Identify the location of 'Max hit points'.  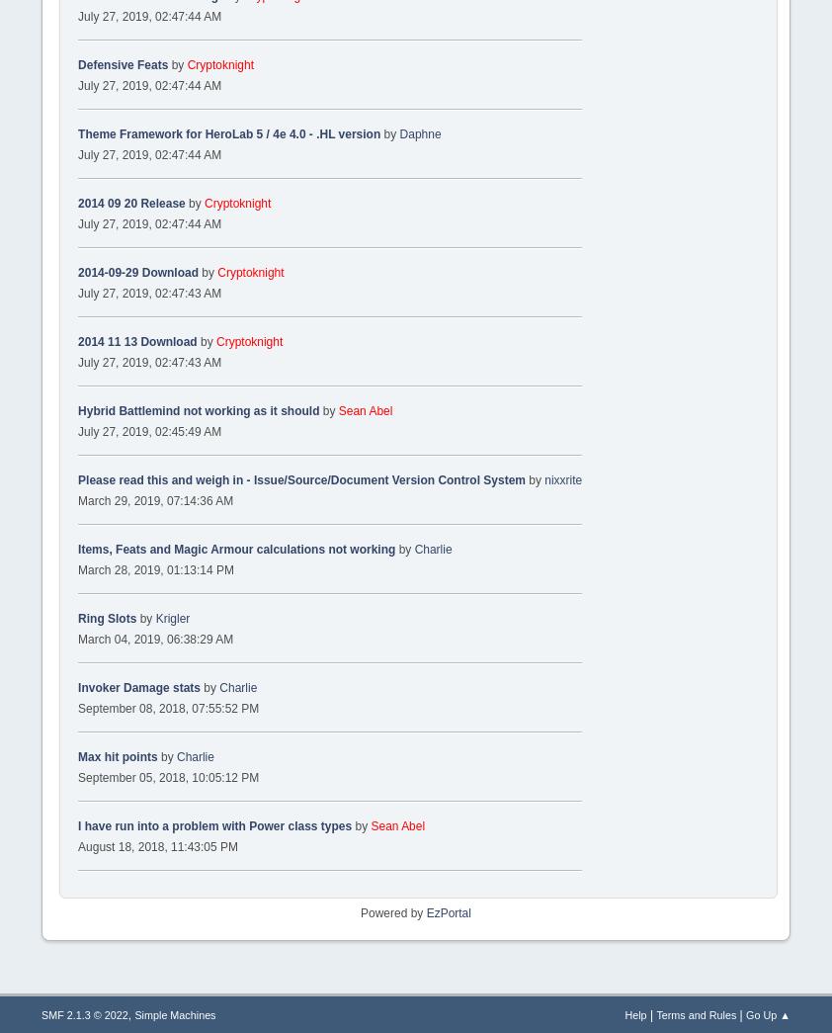
(116, 756).